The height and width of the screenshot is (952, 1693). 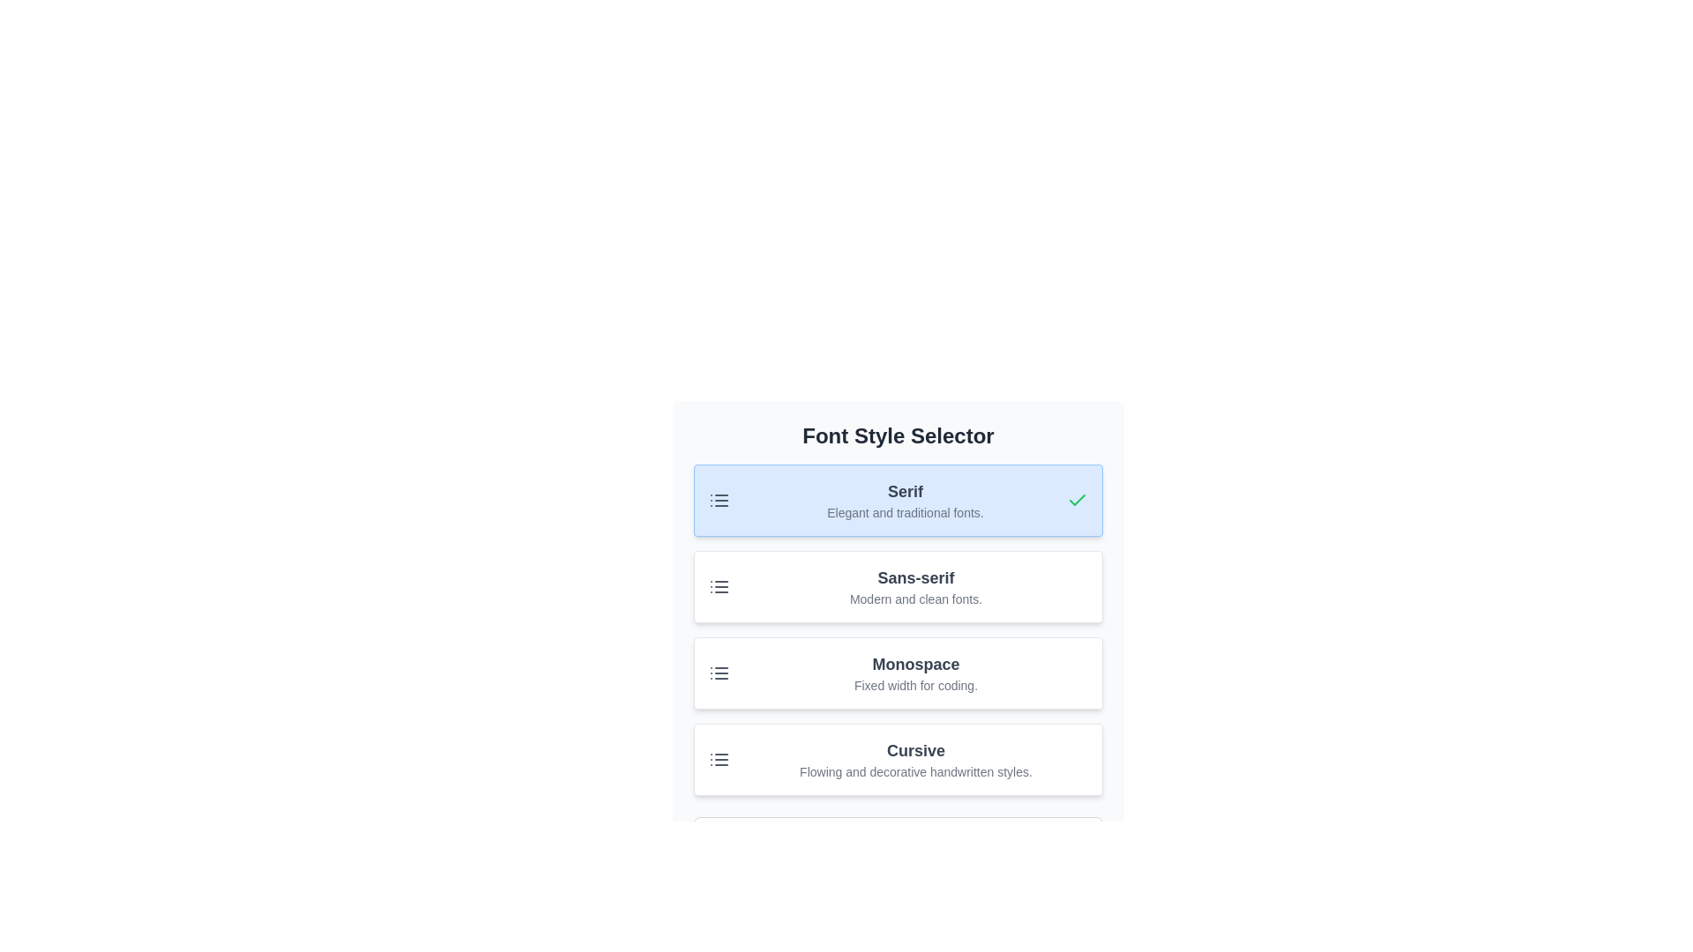 I want to click on the non-interactive list icon associated with the 'Monospace' font style option, located on the left side of the third option in the Font Style Selector, so click(x=720, y=673).